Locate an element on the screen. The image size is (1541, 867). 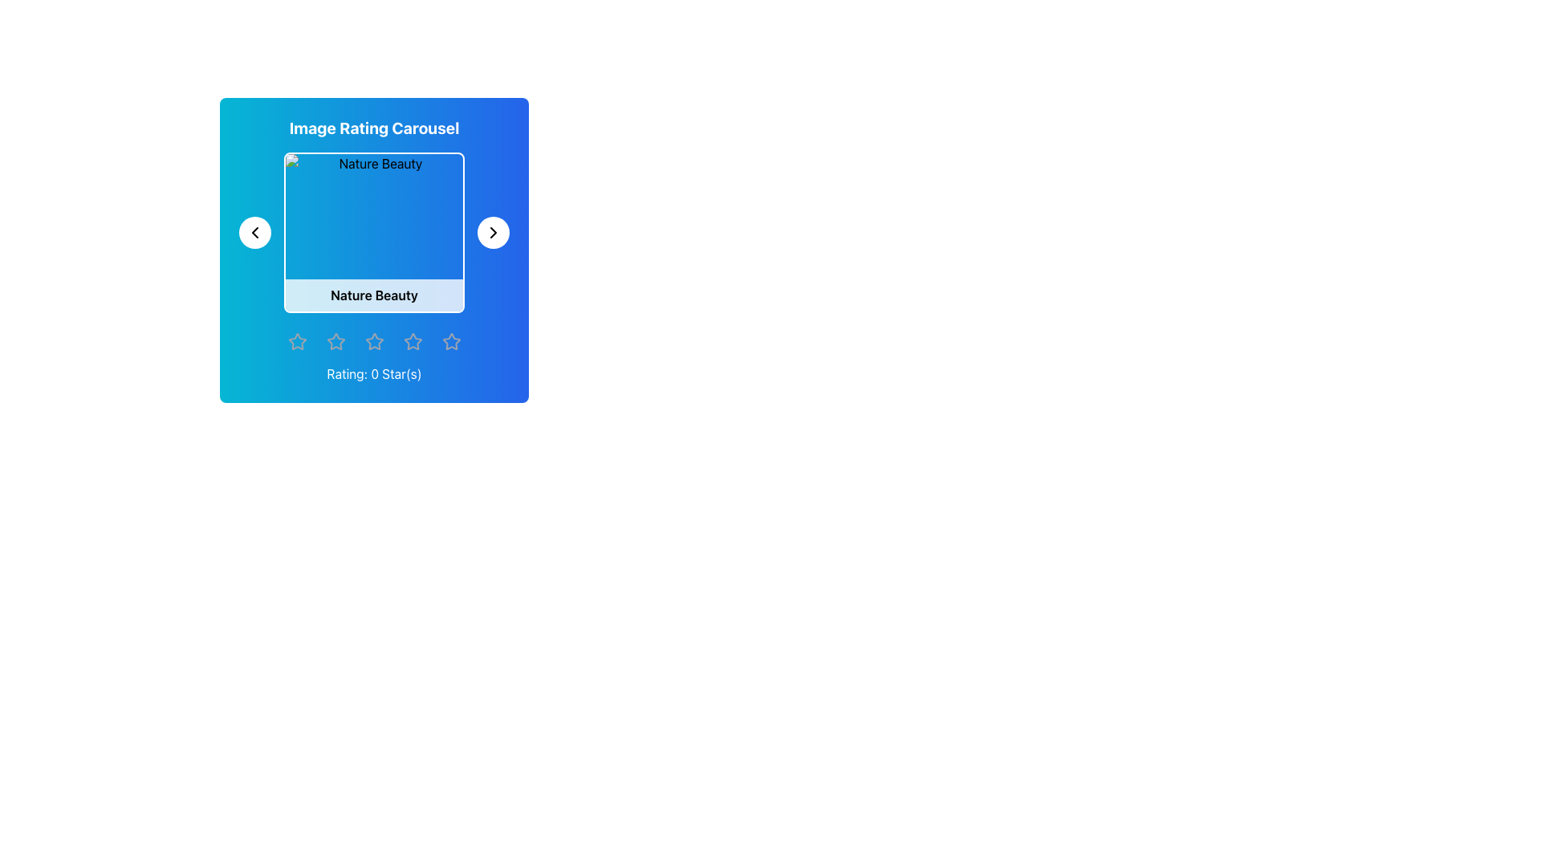
the leftmost star-shaped icon filled with gradient blue color and a thin gray border to rate it in the 'Image Rating Carousel' section is located at coordinates (335, 340).